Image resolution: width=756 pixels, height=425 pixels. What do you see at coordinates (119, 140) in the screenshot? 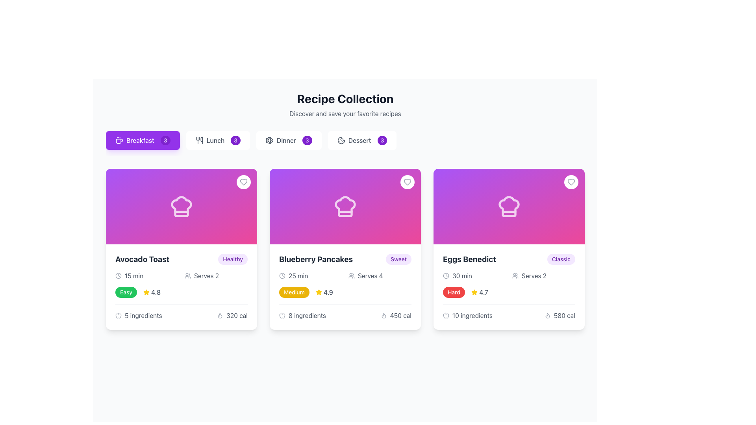
I see `the coffee cup icon located inside the rectangular purple button tagged 'Breakfast 3', which features a minimalistic line-art illustration with steam lines, positioned at the upper left of the interface` at bounding box center [119, 140].